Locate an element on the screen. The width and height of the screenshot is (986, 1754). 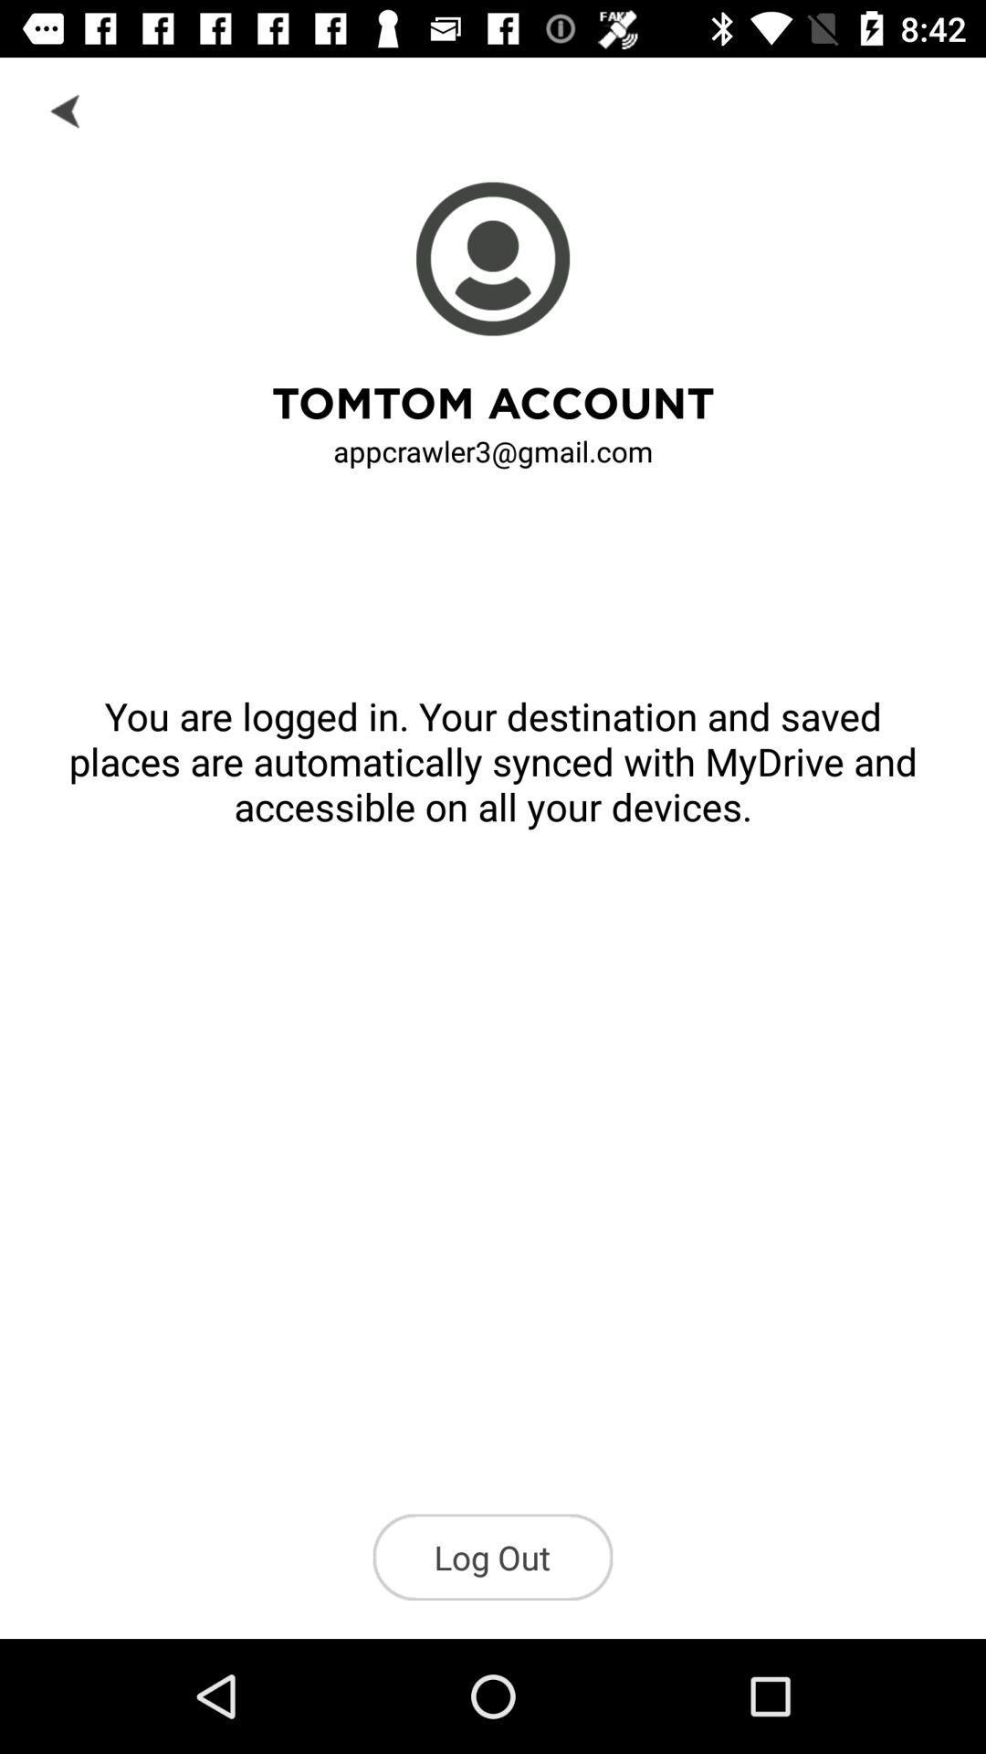
log out icon is located at coordinates (493, 1556).